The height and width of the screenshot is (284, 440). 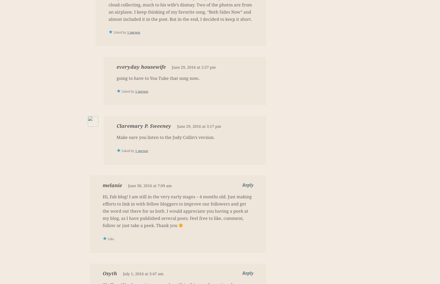 I want to click on 'Like', so click(x=107, y=238).